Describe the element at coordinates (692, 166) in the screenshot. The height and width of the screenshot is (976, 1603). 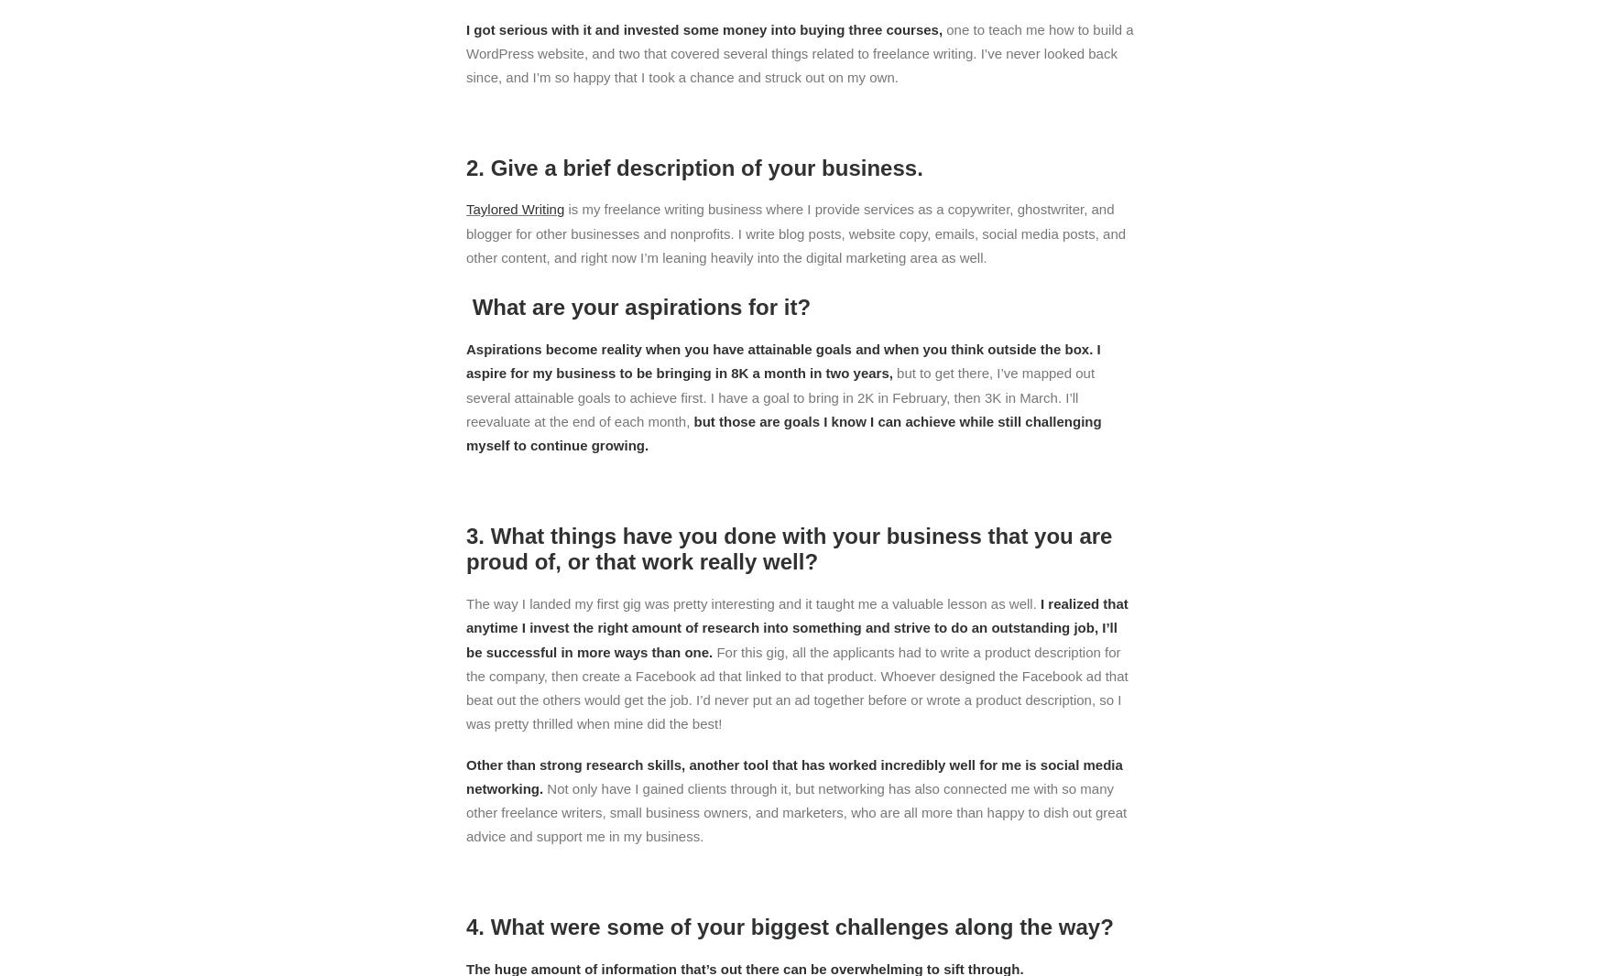
I see `'2. Give a brief description of your business.'` at that location.